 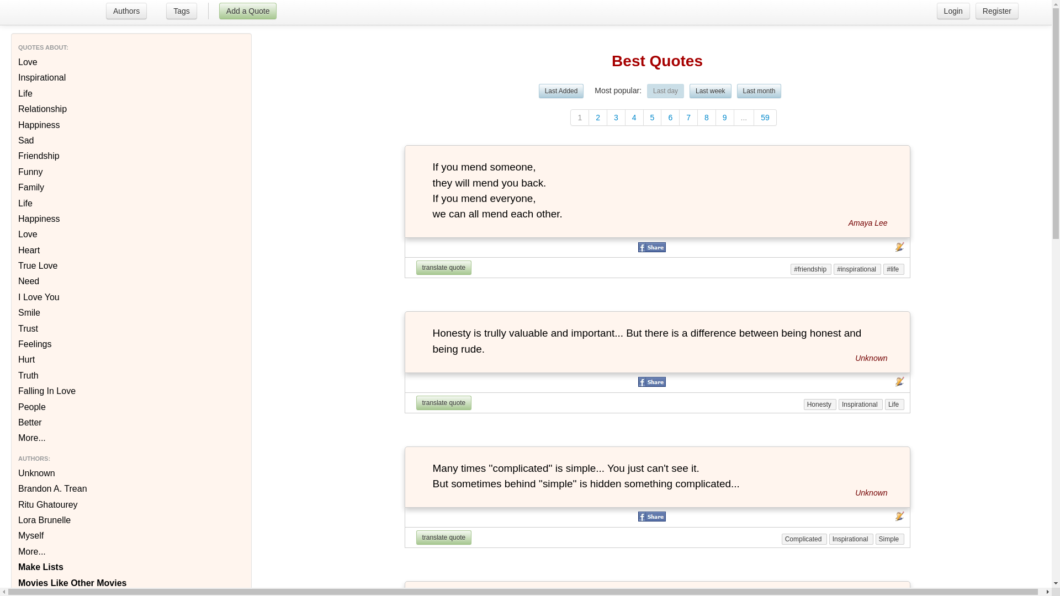 What do you see at coordinates (670, 117) in the screenshot?
I see `'6'` at bounding box center [670, 117].